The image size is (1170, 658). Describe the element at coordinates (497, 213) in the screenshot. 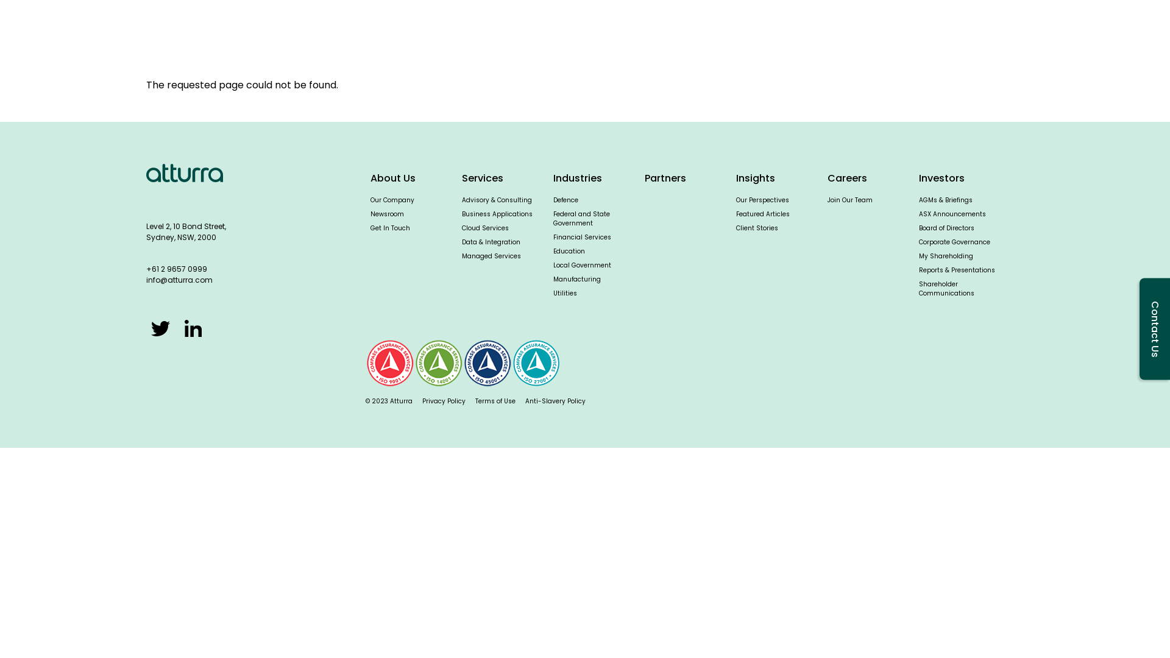

I see `'Business Applications'` at that location.